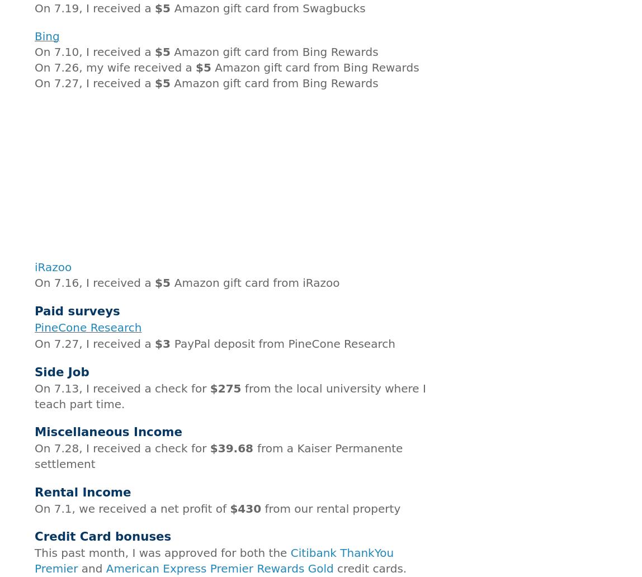 This screenshot has height=577, width=642. What do you see at coordinates (331, 507) in the screenshot?
I see `'from our rental
property'` at bounding box center [331, 507].